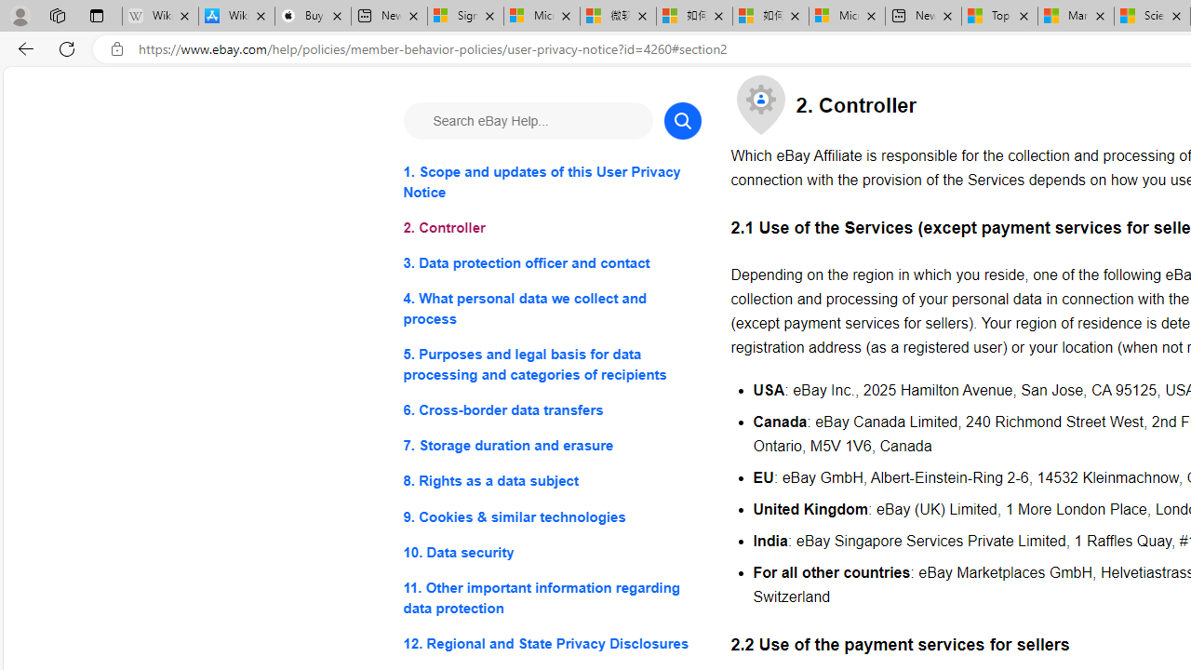  I want to click on '10. Data security', so click(551, 551).